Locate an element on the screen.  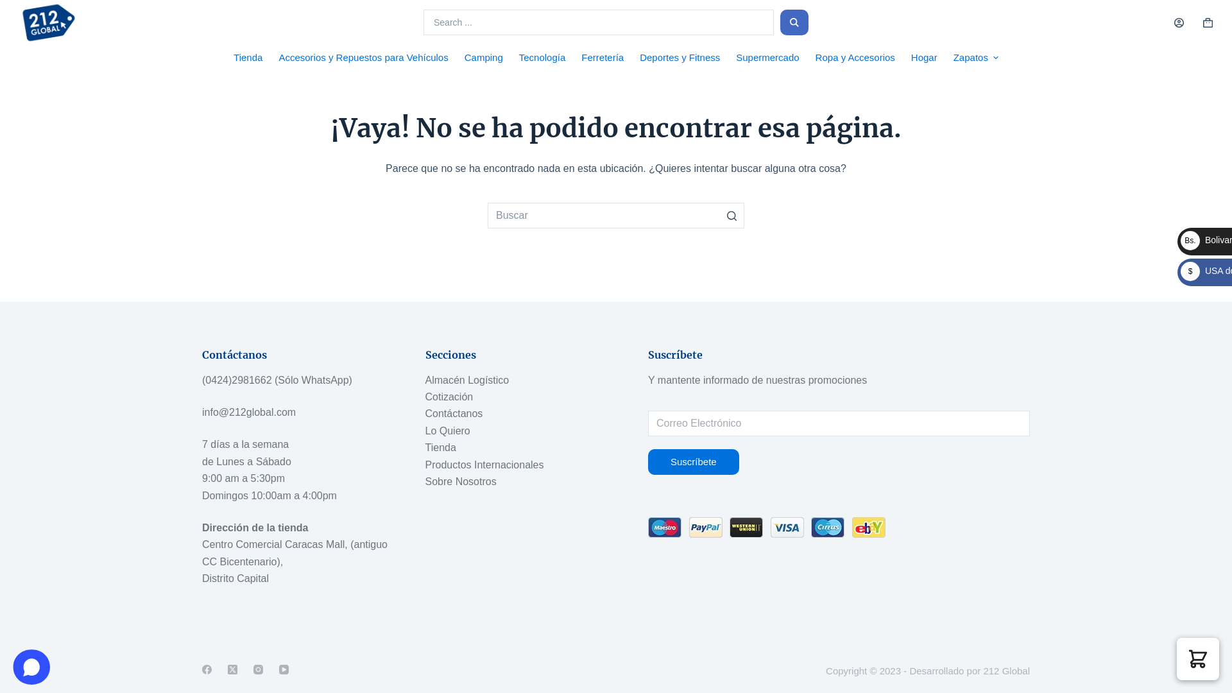
'Tienda' is located at coordinates (440, 447).